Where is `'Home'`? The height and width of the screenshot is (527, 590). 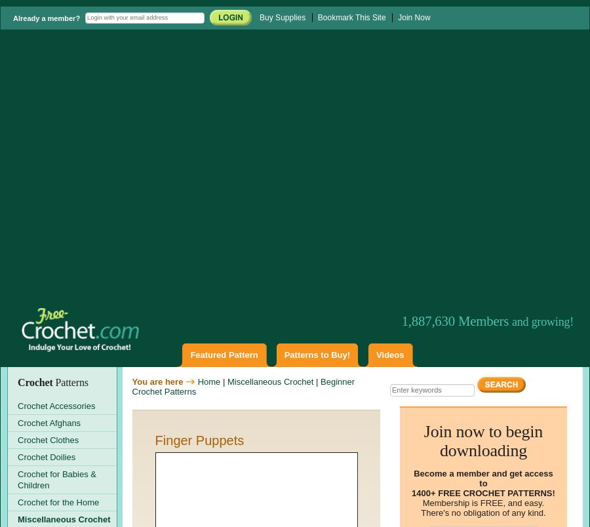
'Home' is located at coordinates (208, 380).